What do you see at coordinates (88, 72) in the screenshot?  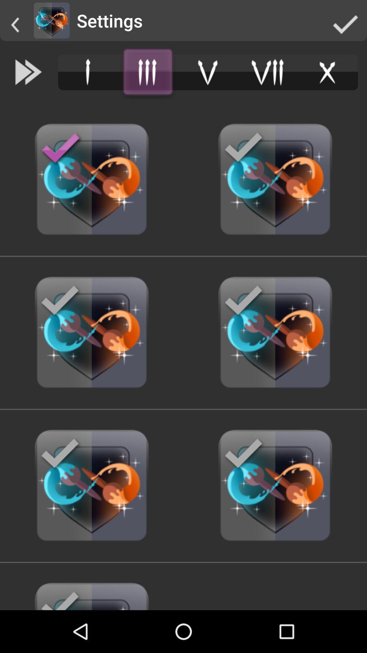 I see `menu option` at bounding box center [88, 72].